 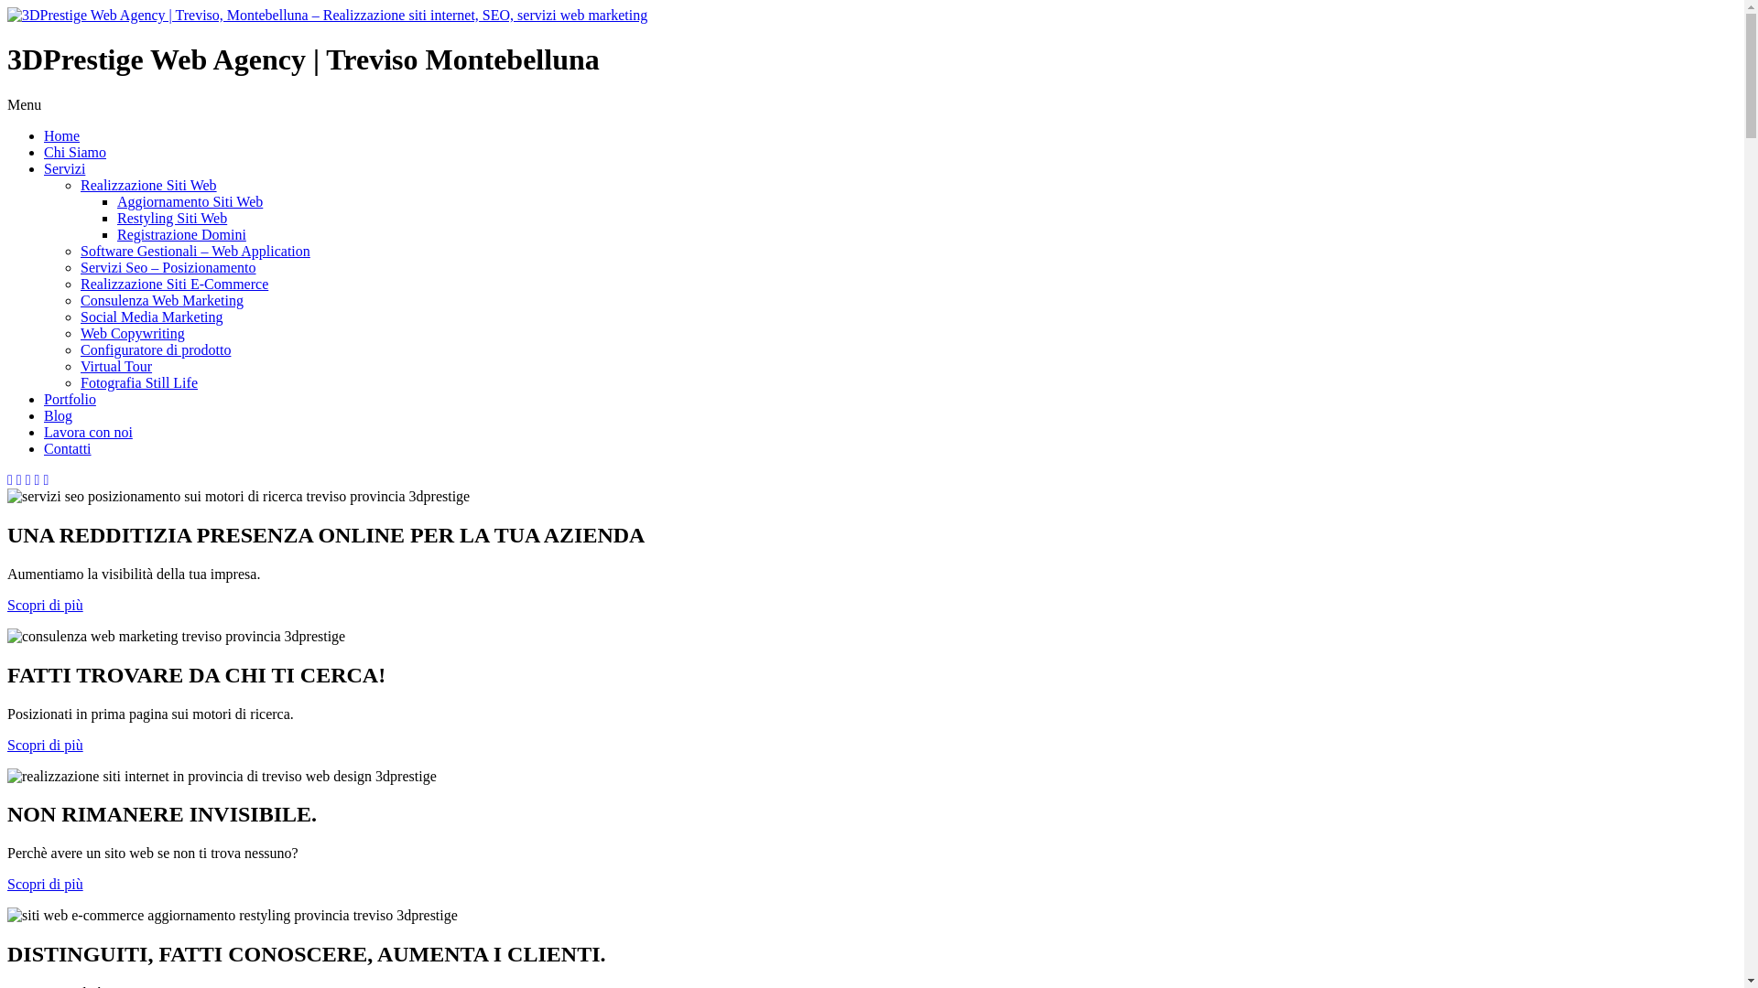 What do you see at coordinates (116, 233) in the screenshot?
I see `'Registrazione Domini'` at bounding box center [116, 233].